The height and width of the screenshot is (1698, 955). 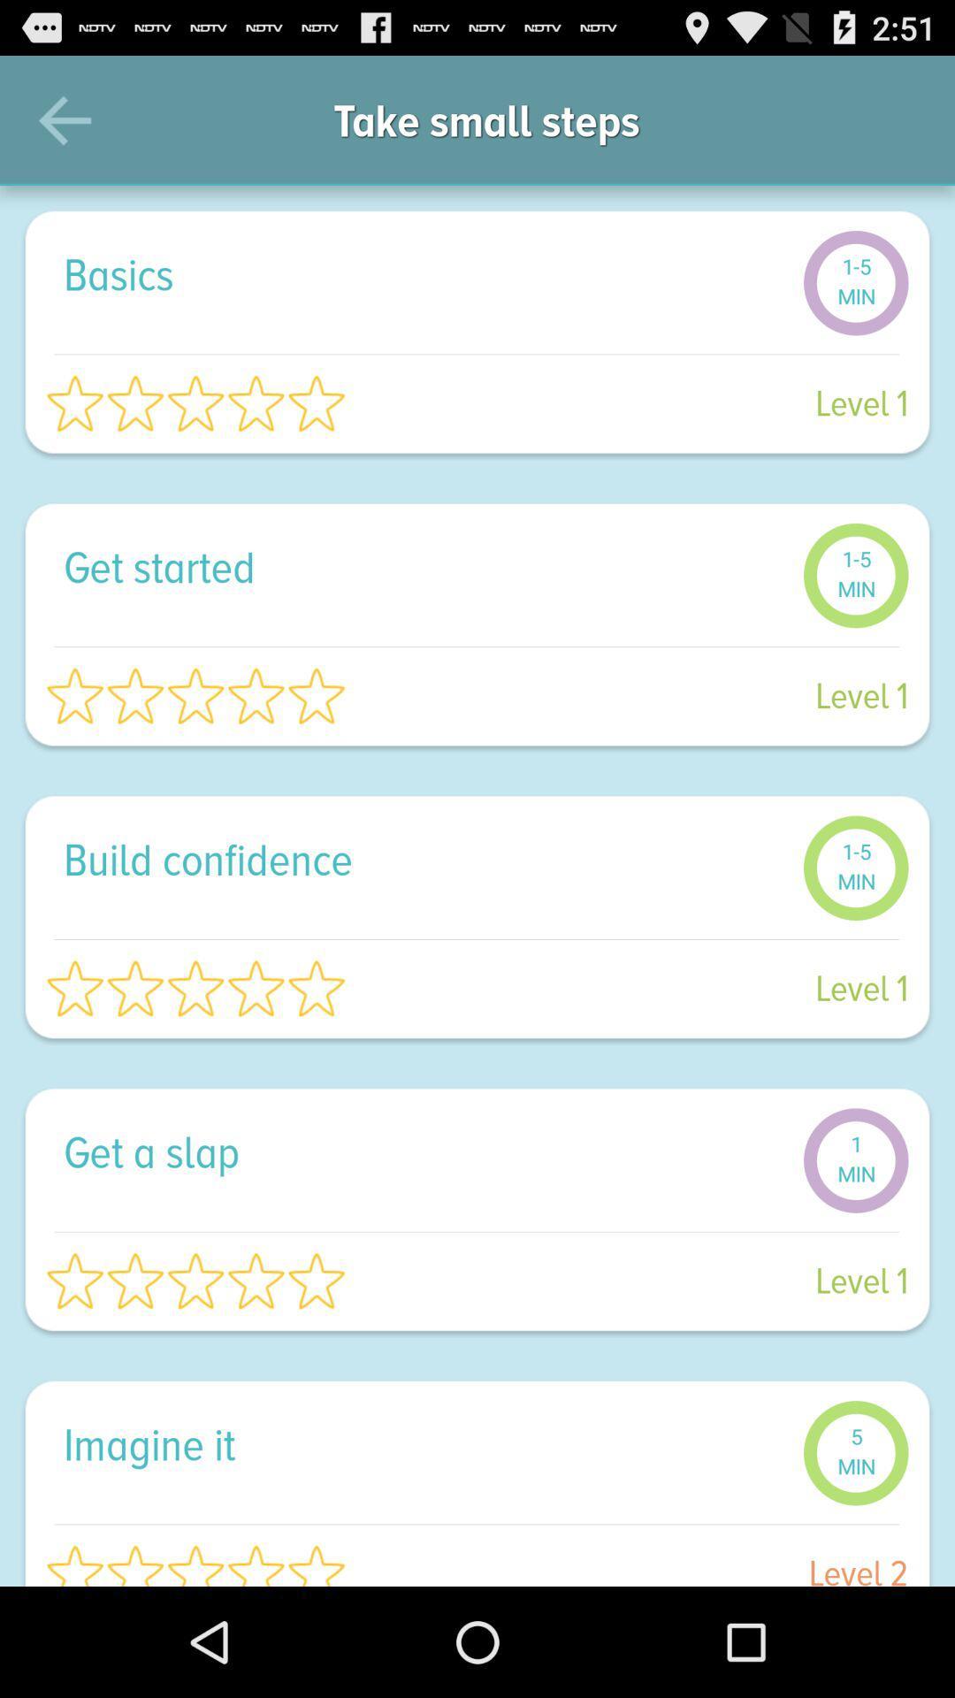 I want to click on icon to the right of take small steps, so click(x=899, y=119).